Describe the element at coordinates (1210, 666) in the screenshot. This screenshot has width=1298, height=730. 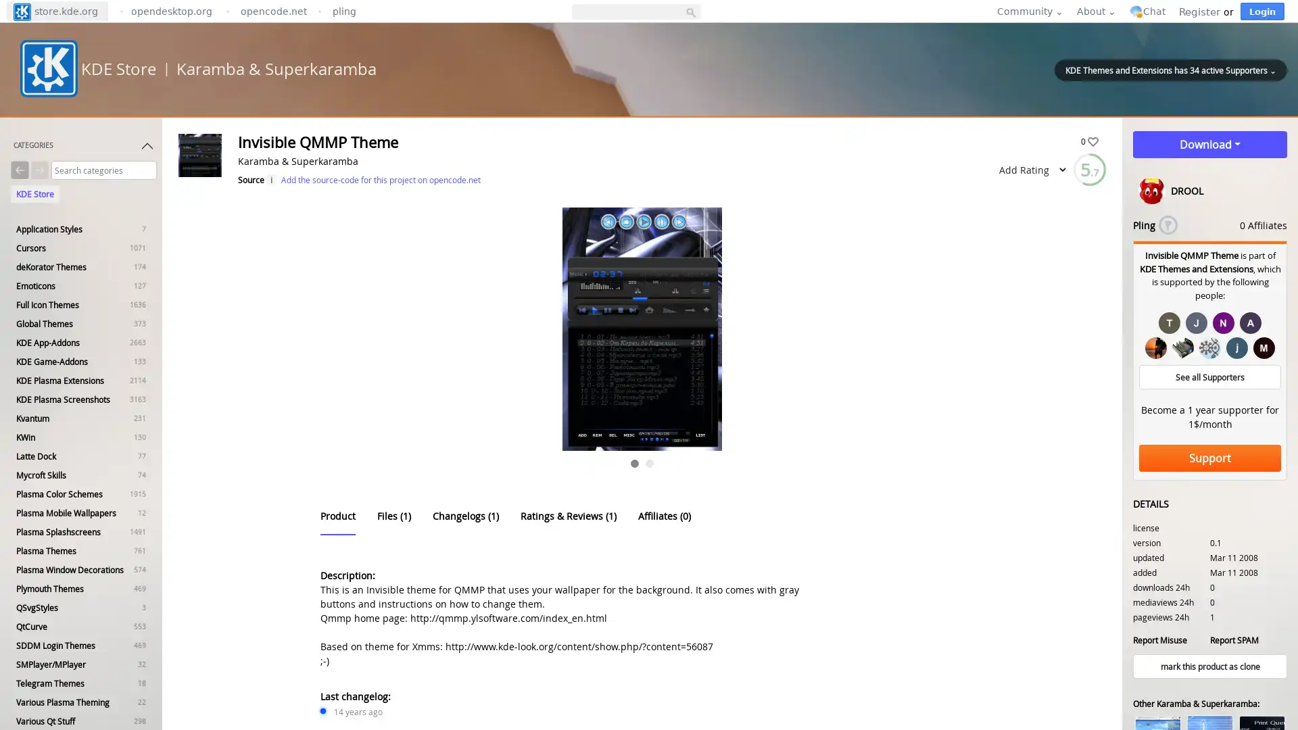
I see `mark this product as clone` at that location.